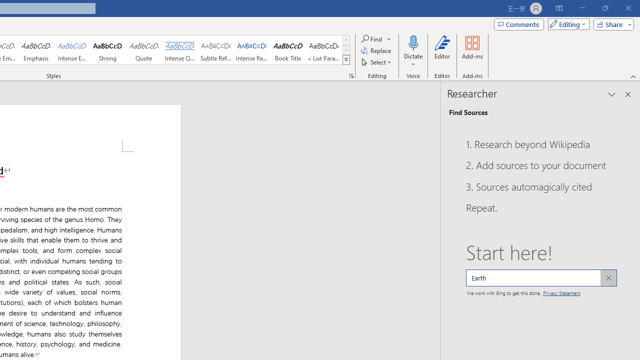  I want to click on 'Cancel', so click(607, 277).